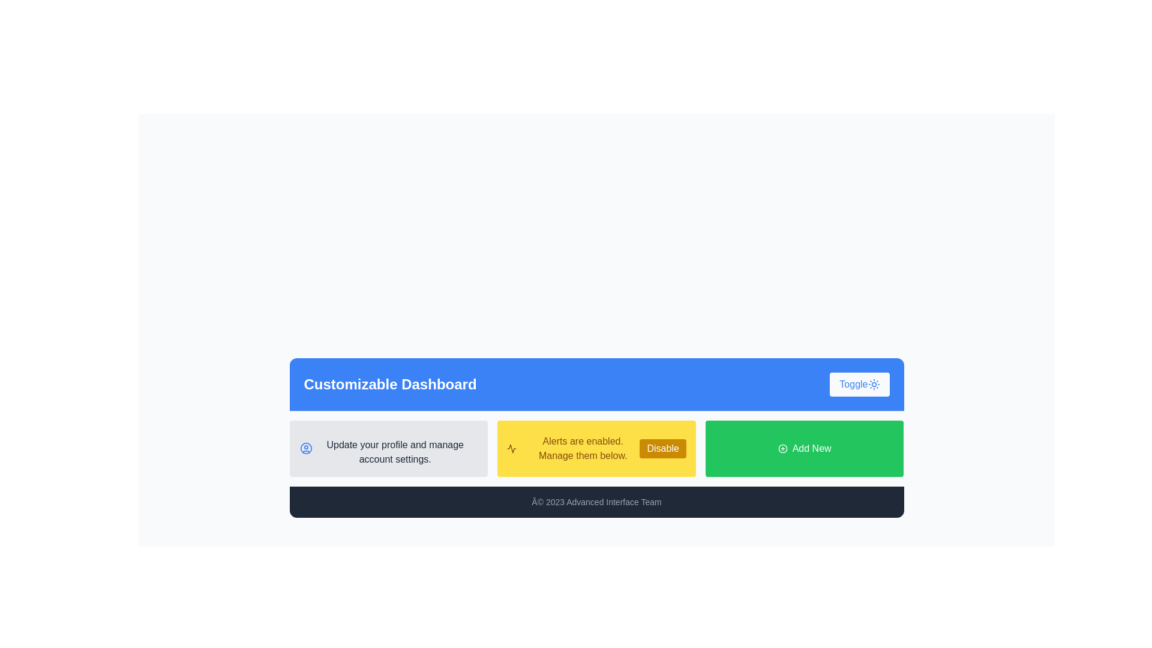 The width and height of the screenshot is (1152, 648). Describe the element at coordinates (596, 502) in the screenshot. I see `the footer bar containing the text '© 2023 Advanced Interface Team', which is styled in dark gray with rounded corners` at that location.